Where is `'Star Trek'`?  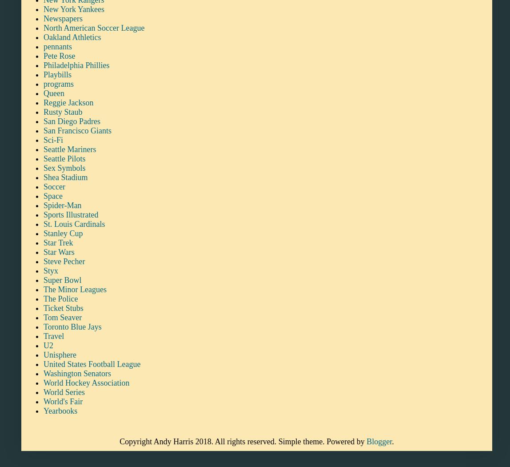
'Star Trek' is located at coordinates (58, 242).